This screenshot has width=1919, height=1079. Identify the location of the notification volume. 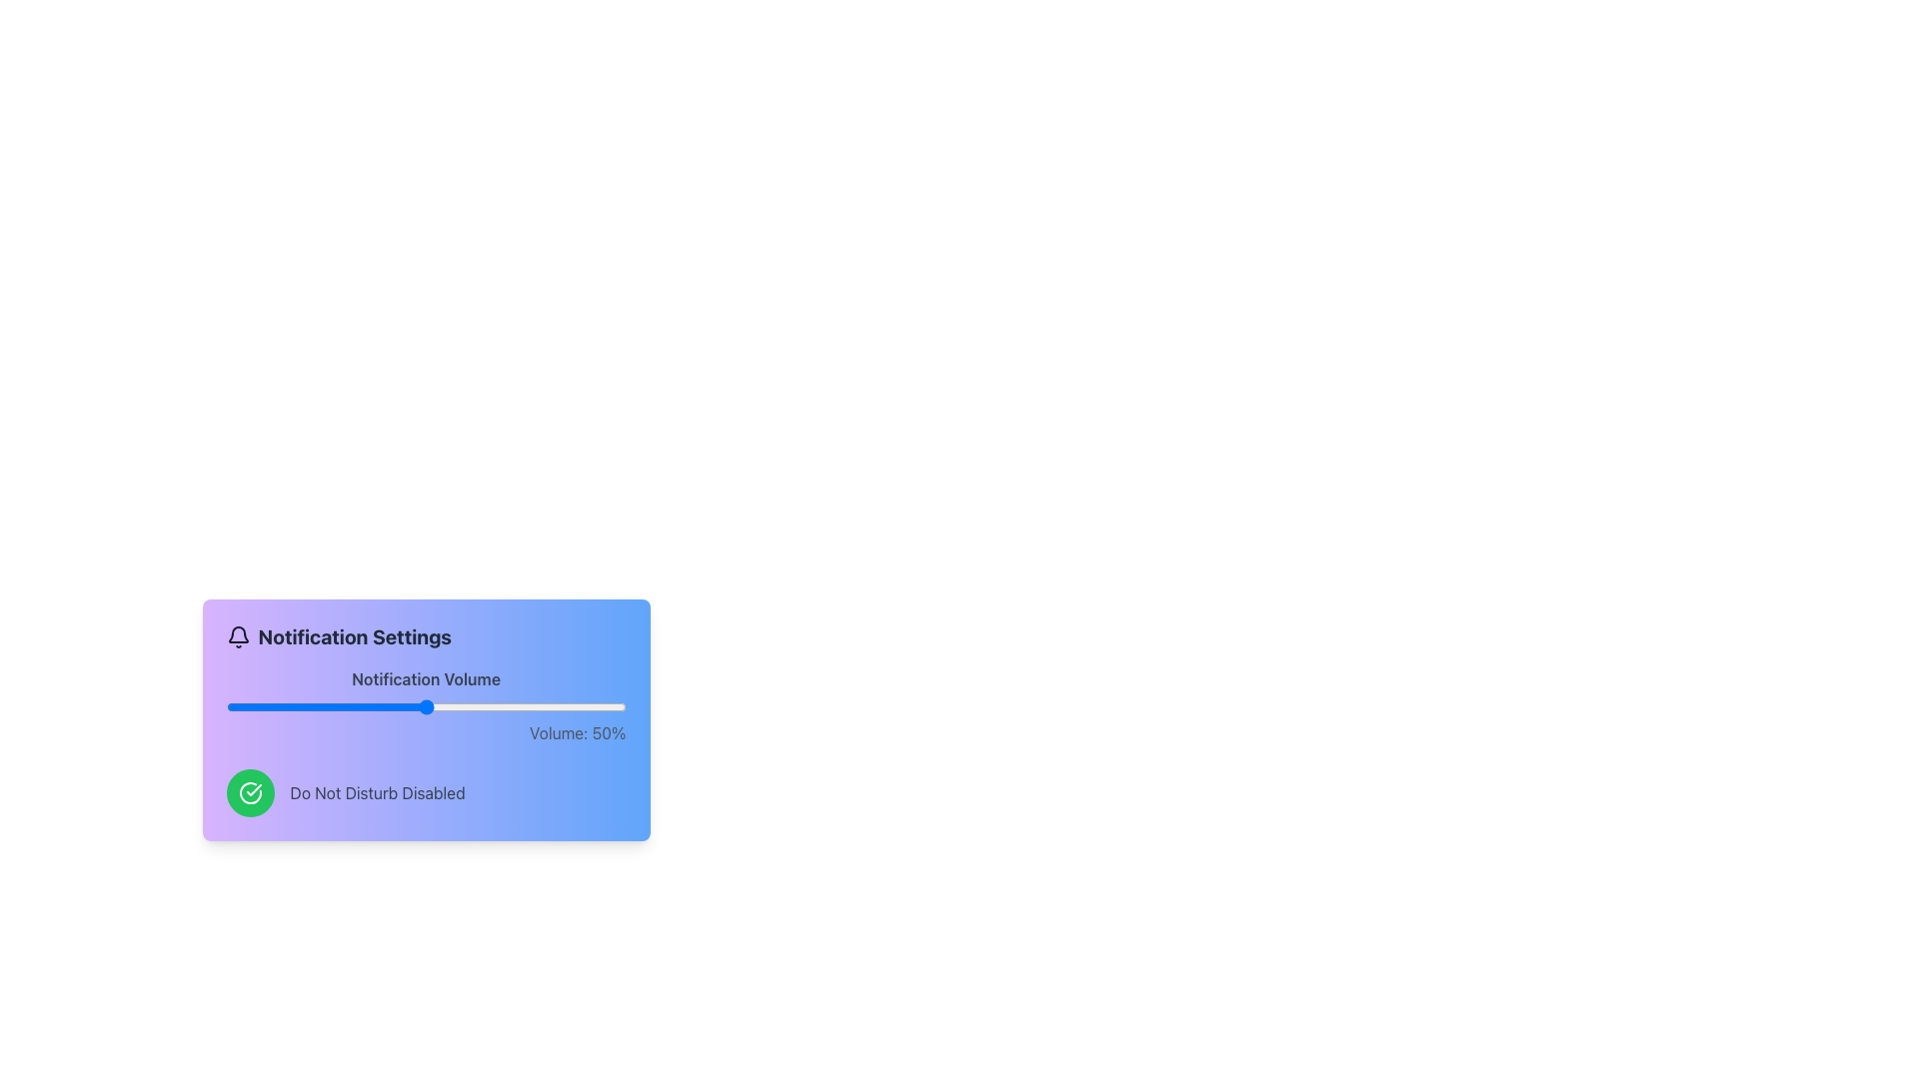
(405, 706).